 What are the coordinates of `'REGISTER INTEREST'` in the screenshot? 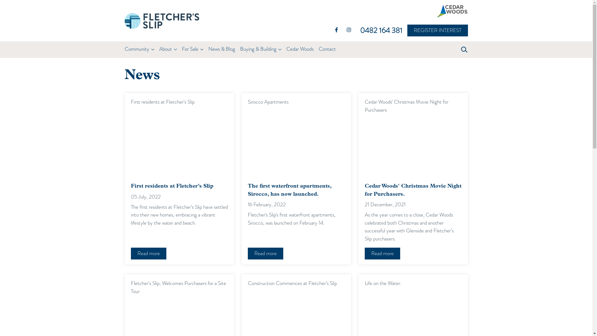 It's located at (409, 30).